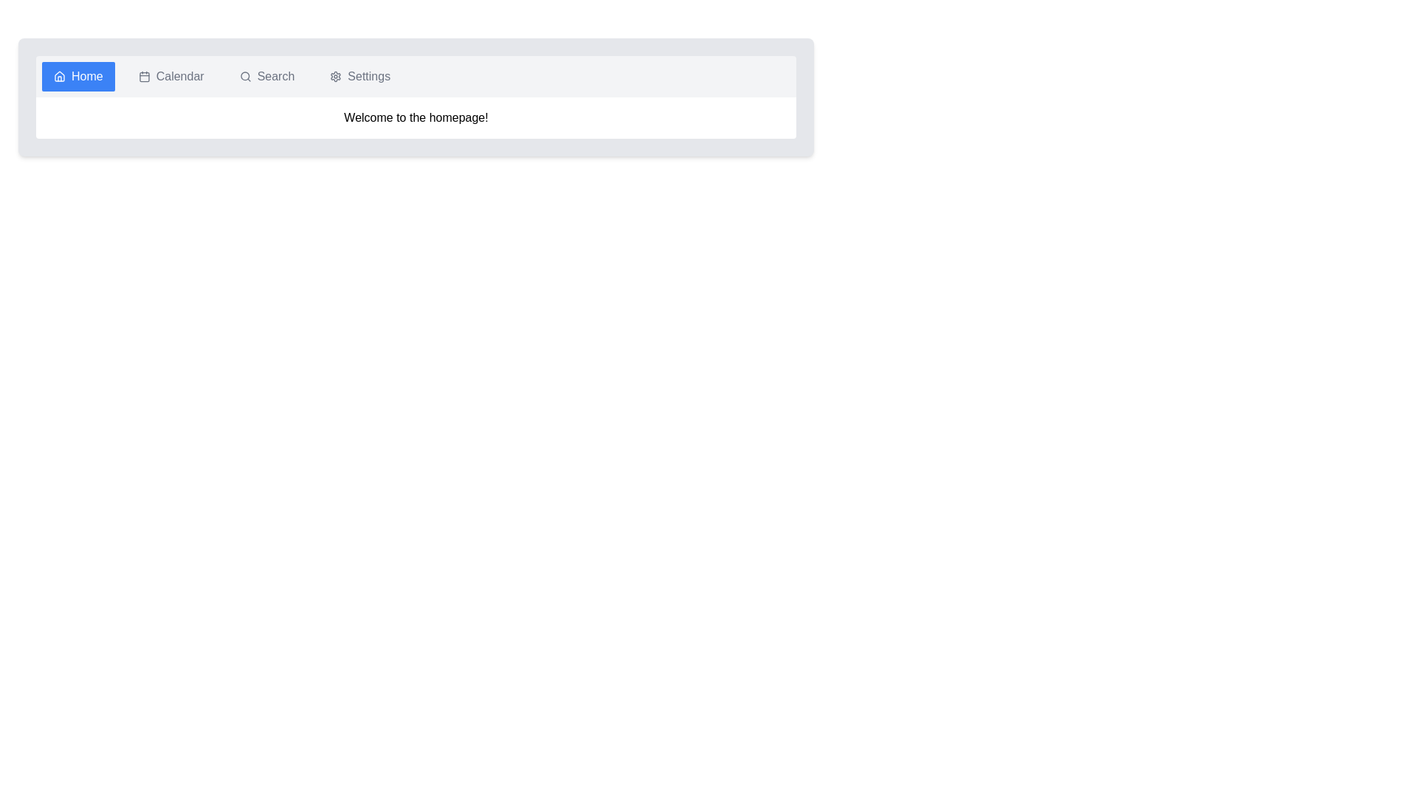 Image resolution: width=1417 pixels, height=797 pixels. What do you see at coordinates (77, 77) in the screenshot?
I see `the 'Home' button, which has a blue background, white text, and a house icon, located at the top of the interface in the navigation bar` at bounding box center [77, 77].